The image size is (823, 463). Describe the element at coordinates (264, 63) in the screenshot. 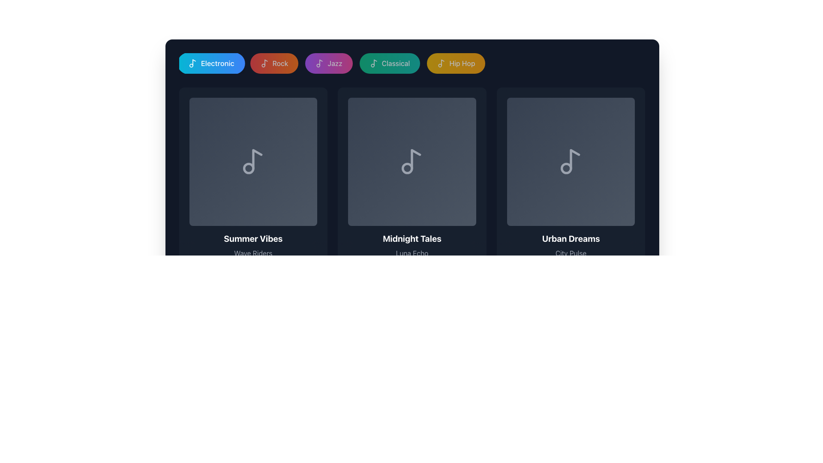

I see `the 'Rock' category button which contains a music note icon on its left side` at that location.